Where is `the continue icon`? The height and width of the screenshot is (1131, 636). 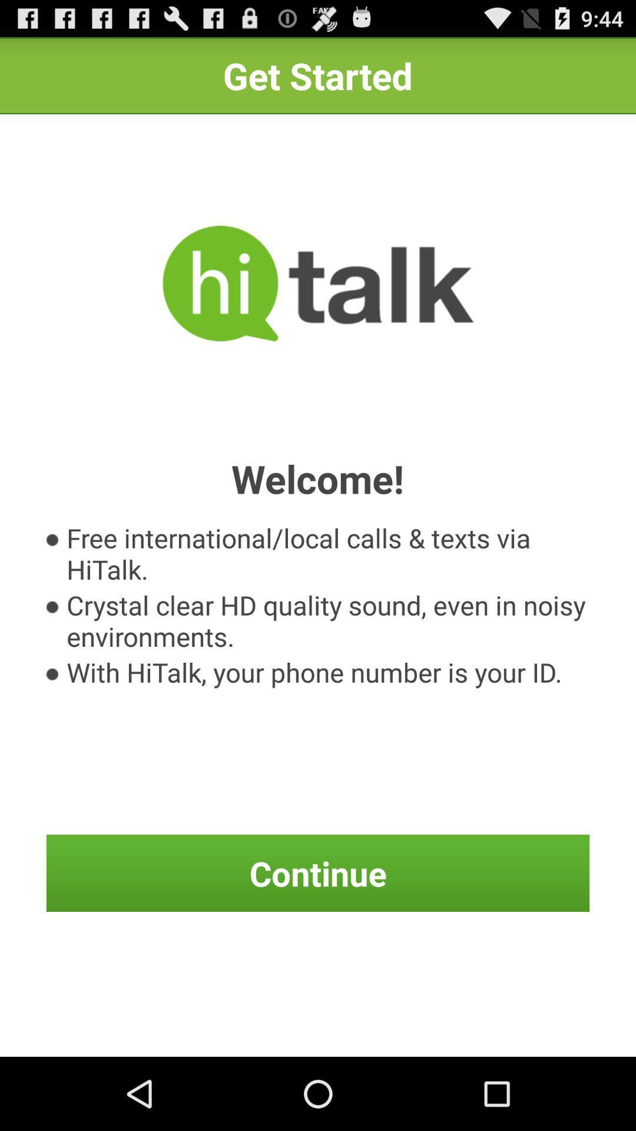
the continue icon is located at coordinates (318, 873).